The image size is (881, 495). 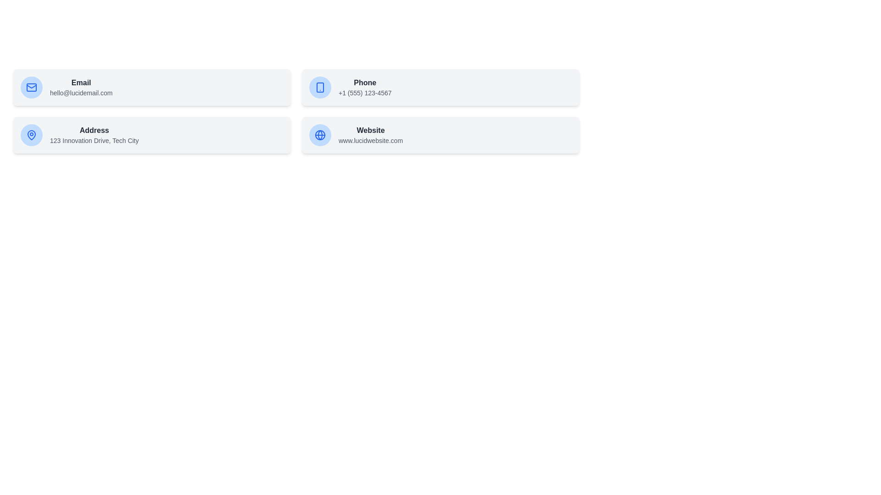 What do you see at coordinates (370, 141) in the screenshot?
I see `the static text display showing 'www.lucidwebsite.com', which is located directly under the larger 'Website' label within the contact information section` at bounding box center [370, 141].